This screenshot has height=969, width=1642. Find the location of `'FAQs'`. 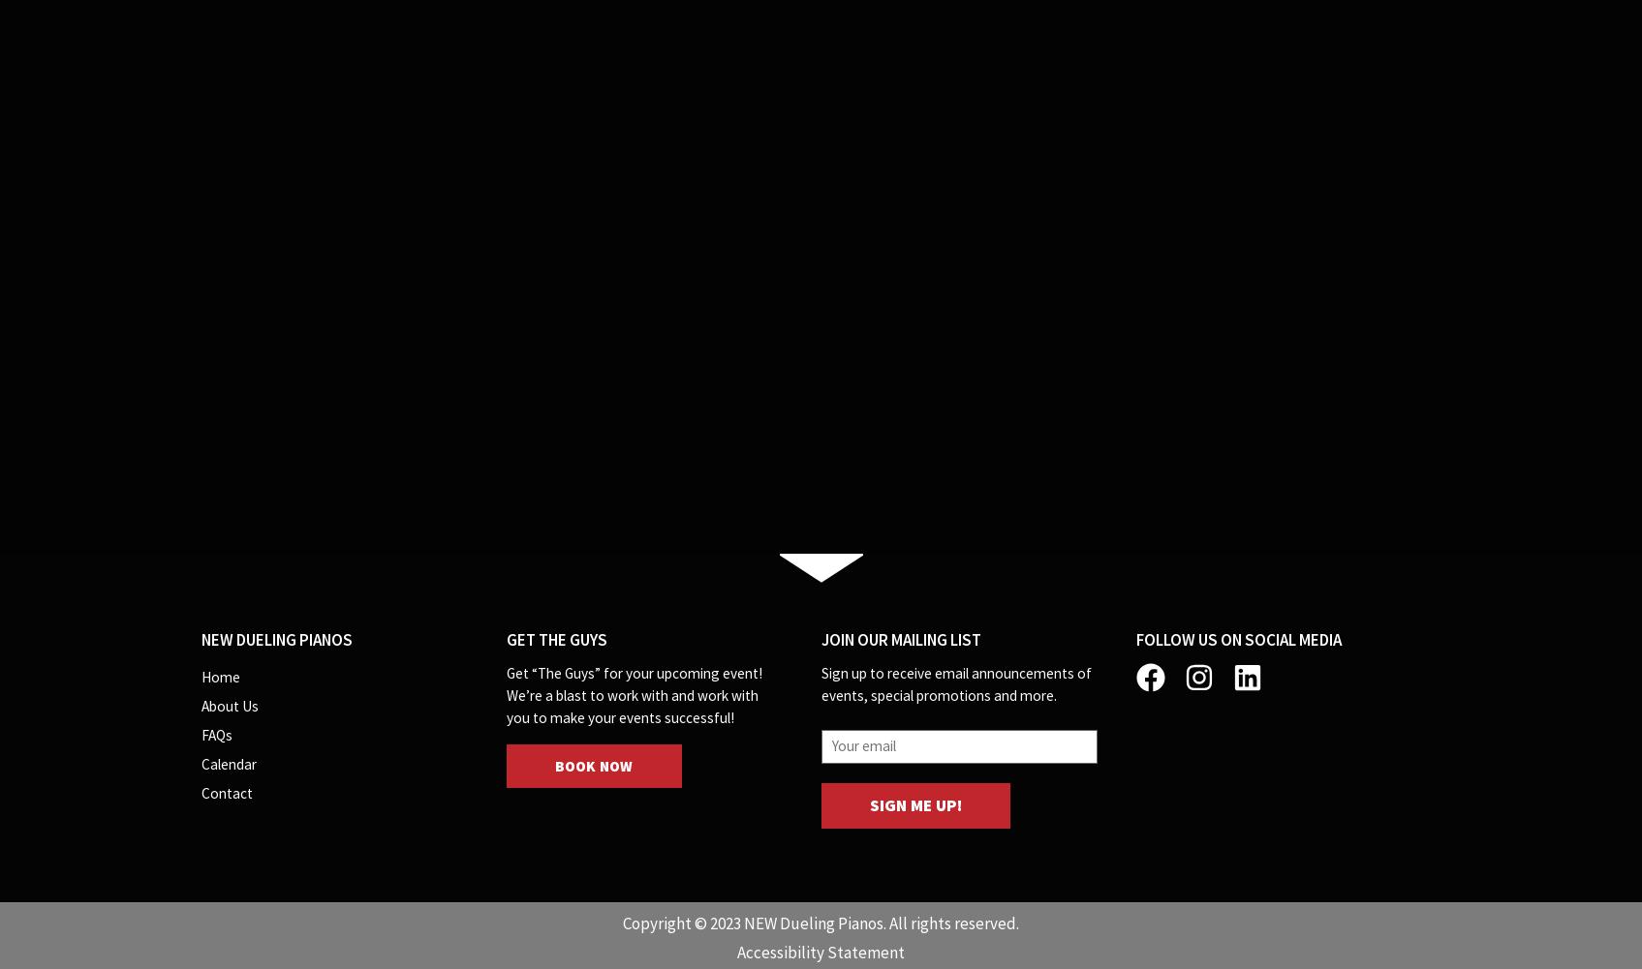

'FAQs' is located at coordinates (199, 735).